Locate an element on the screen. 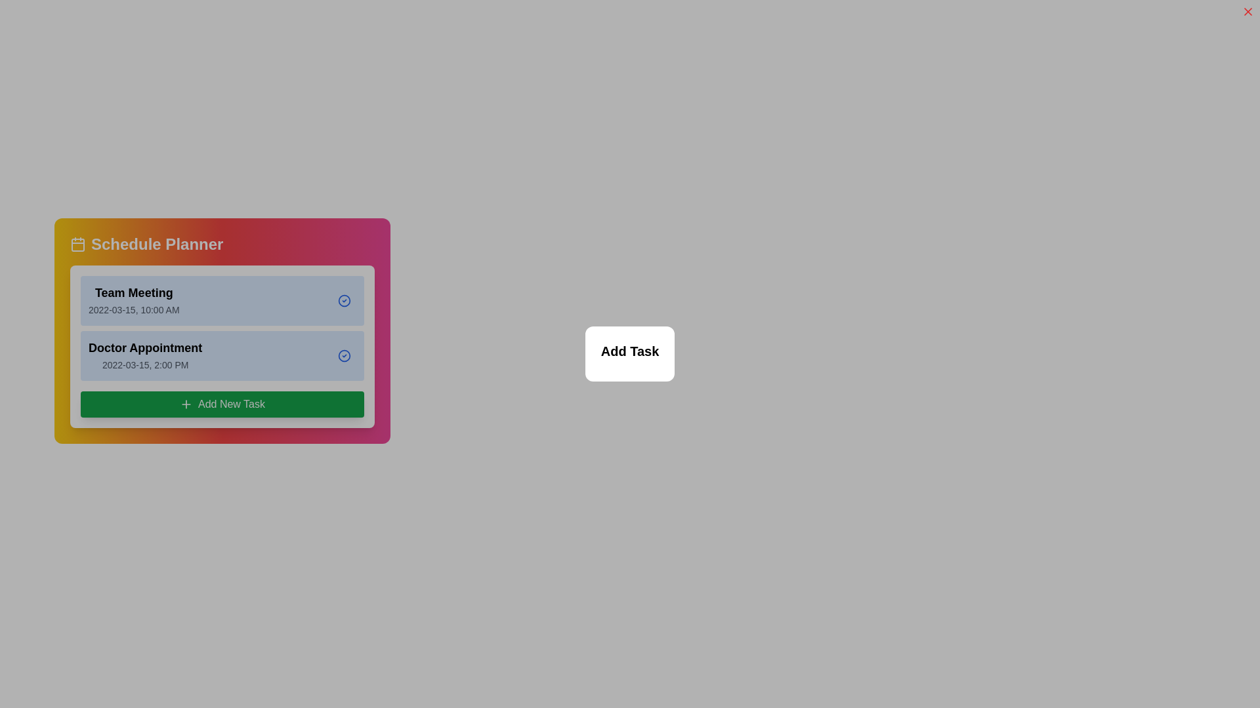  the graphical icon (circle) that serves as a visual indicator within the second task entry of the 'Schedule Planner' is located at coordinates (344, 356).